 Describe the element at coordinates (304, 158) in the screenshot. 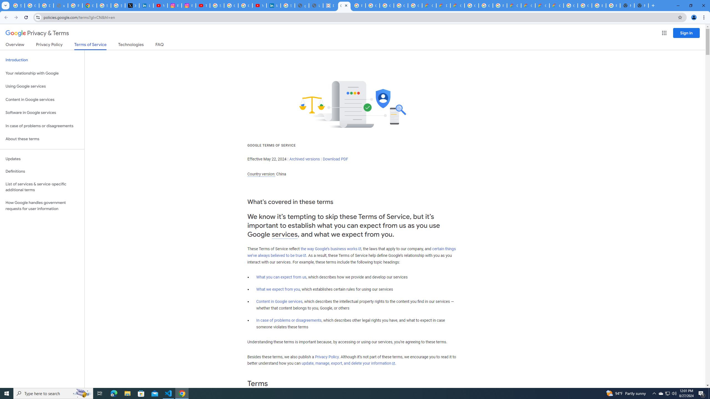

I see `'Archived versions'` at that location.